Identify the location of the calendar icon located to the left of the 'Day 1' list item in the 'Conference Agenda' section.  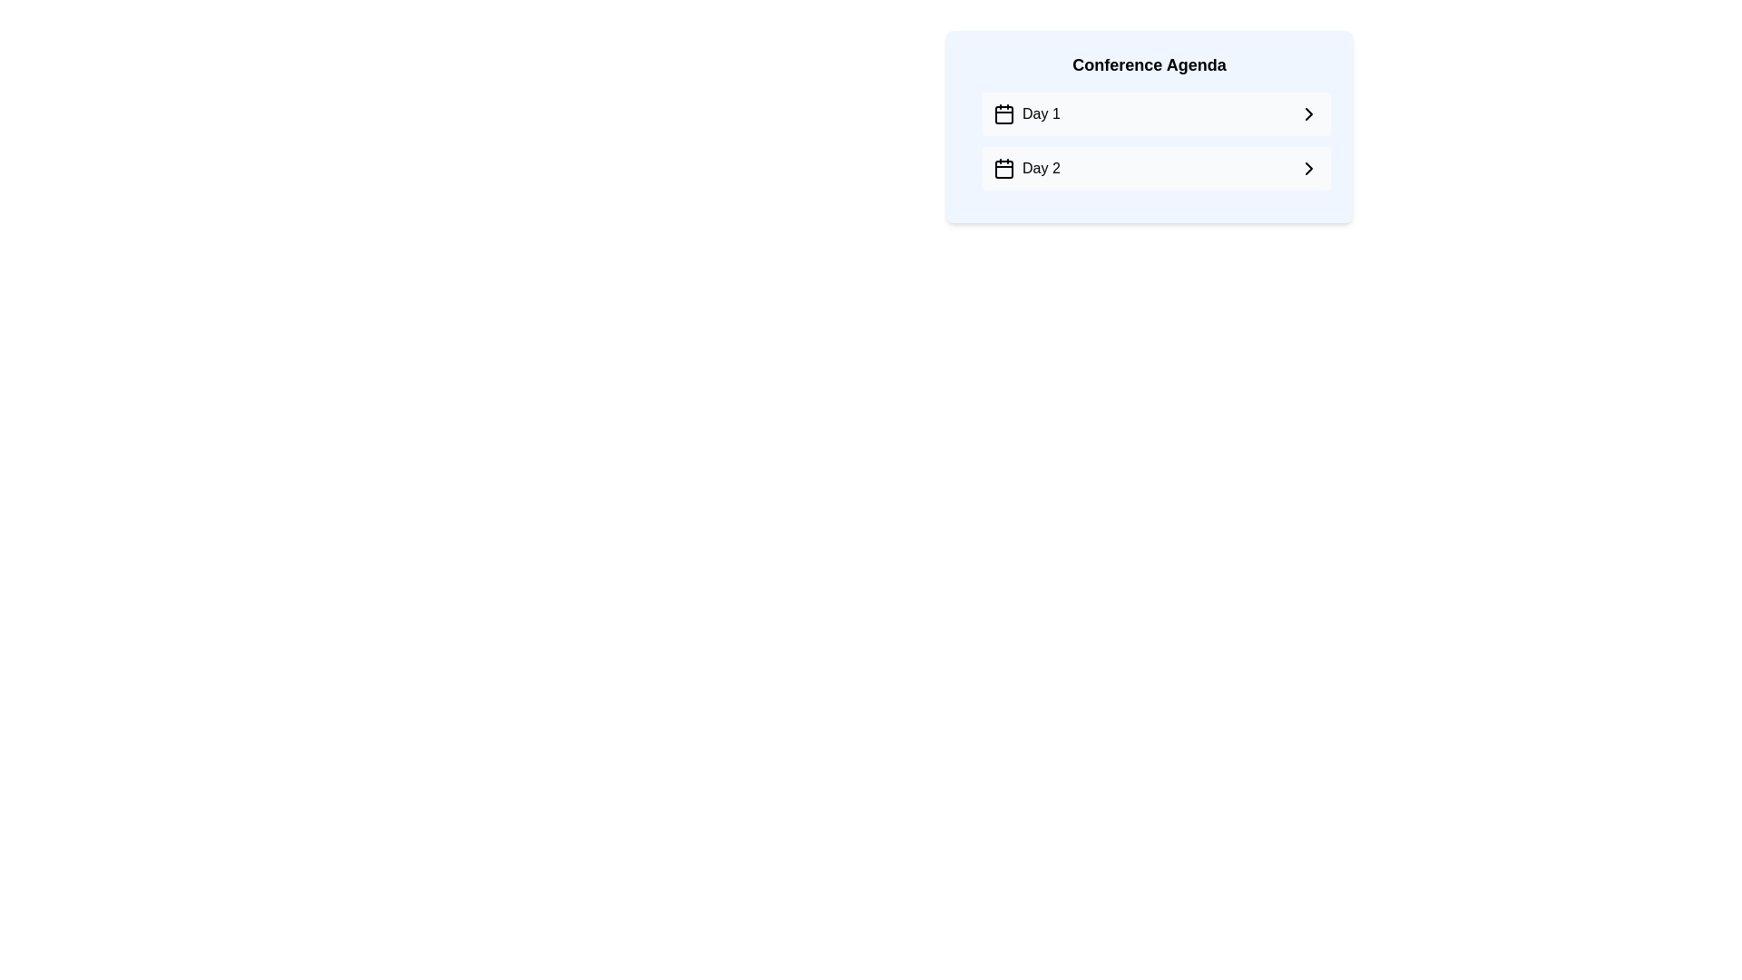
(1003, 114).